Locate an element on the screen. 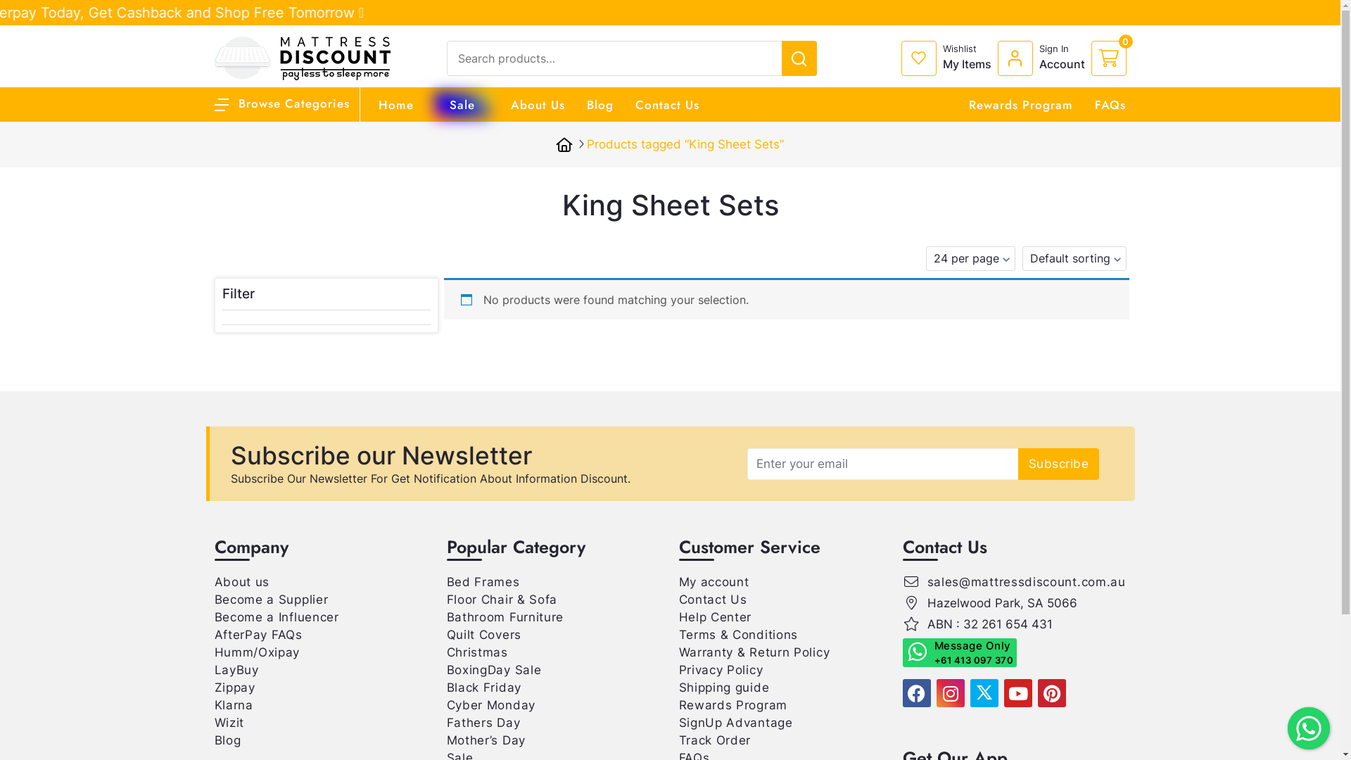 The width and height of the screenshot is (1351, 760). 'facebook' is located at coordinates (915, 692).